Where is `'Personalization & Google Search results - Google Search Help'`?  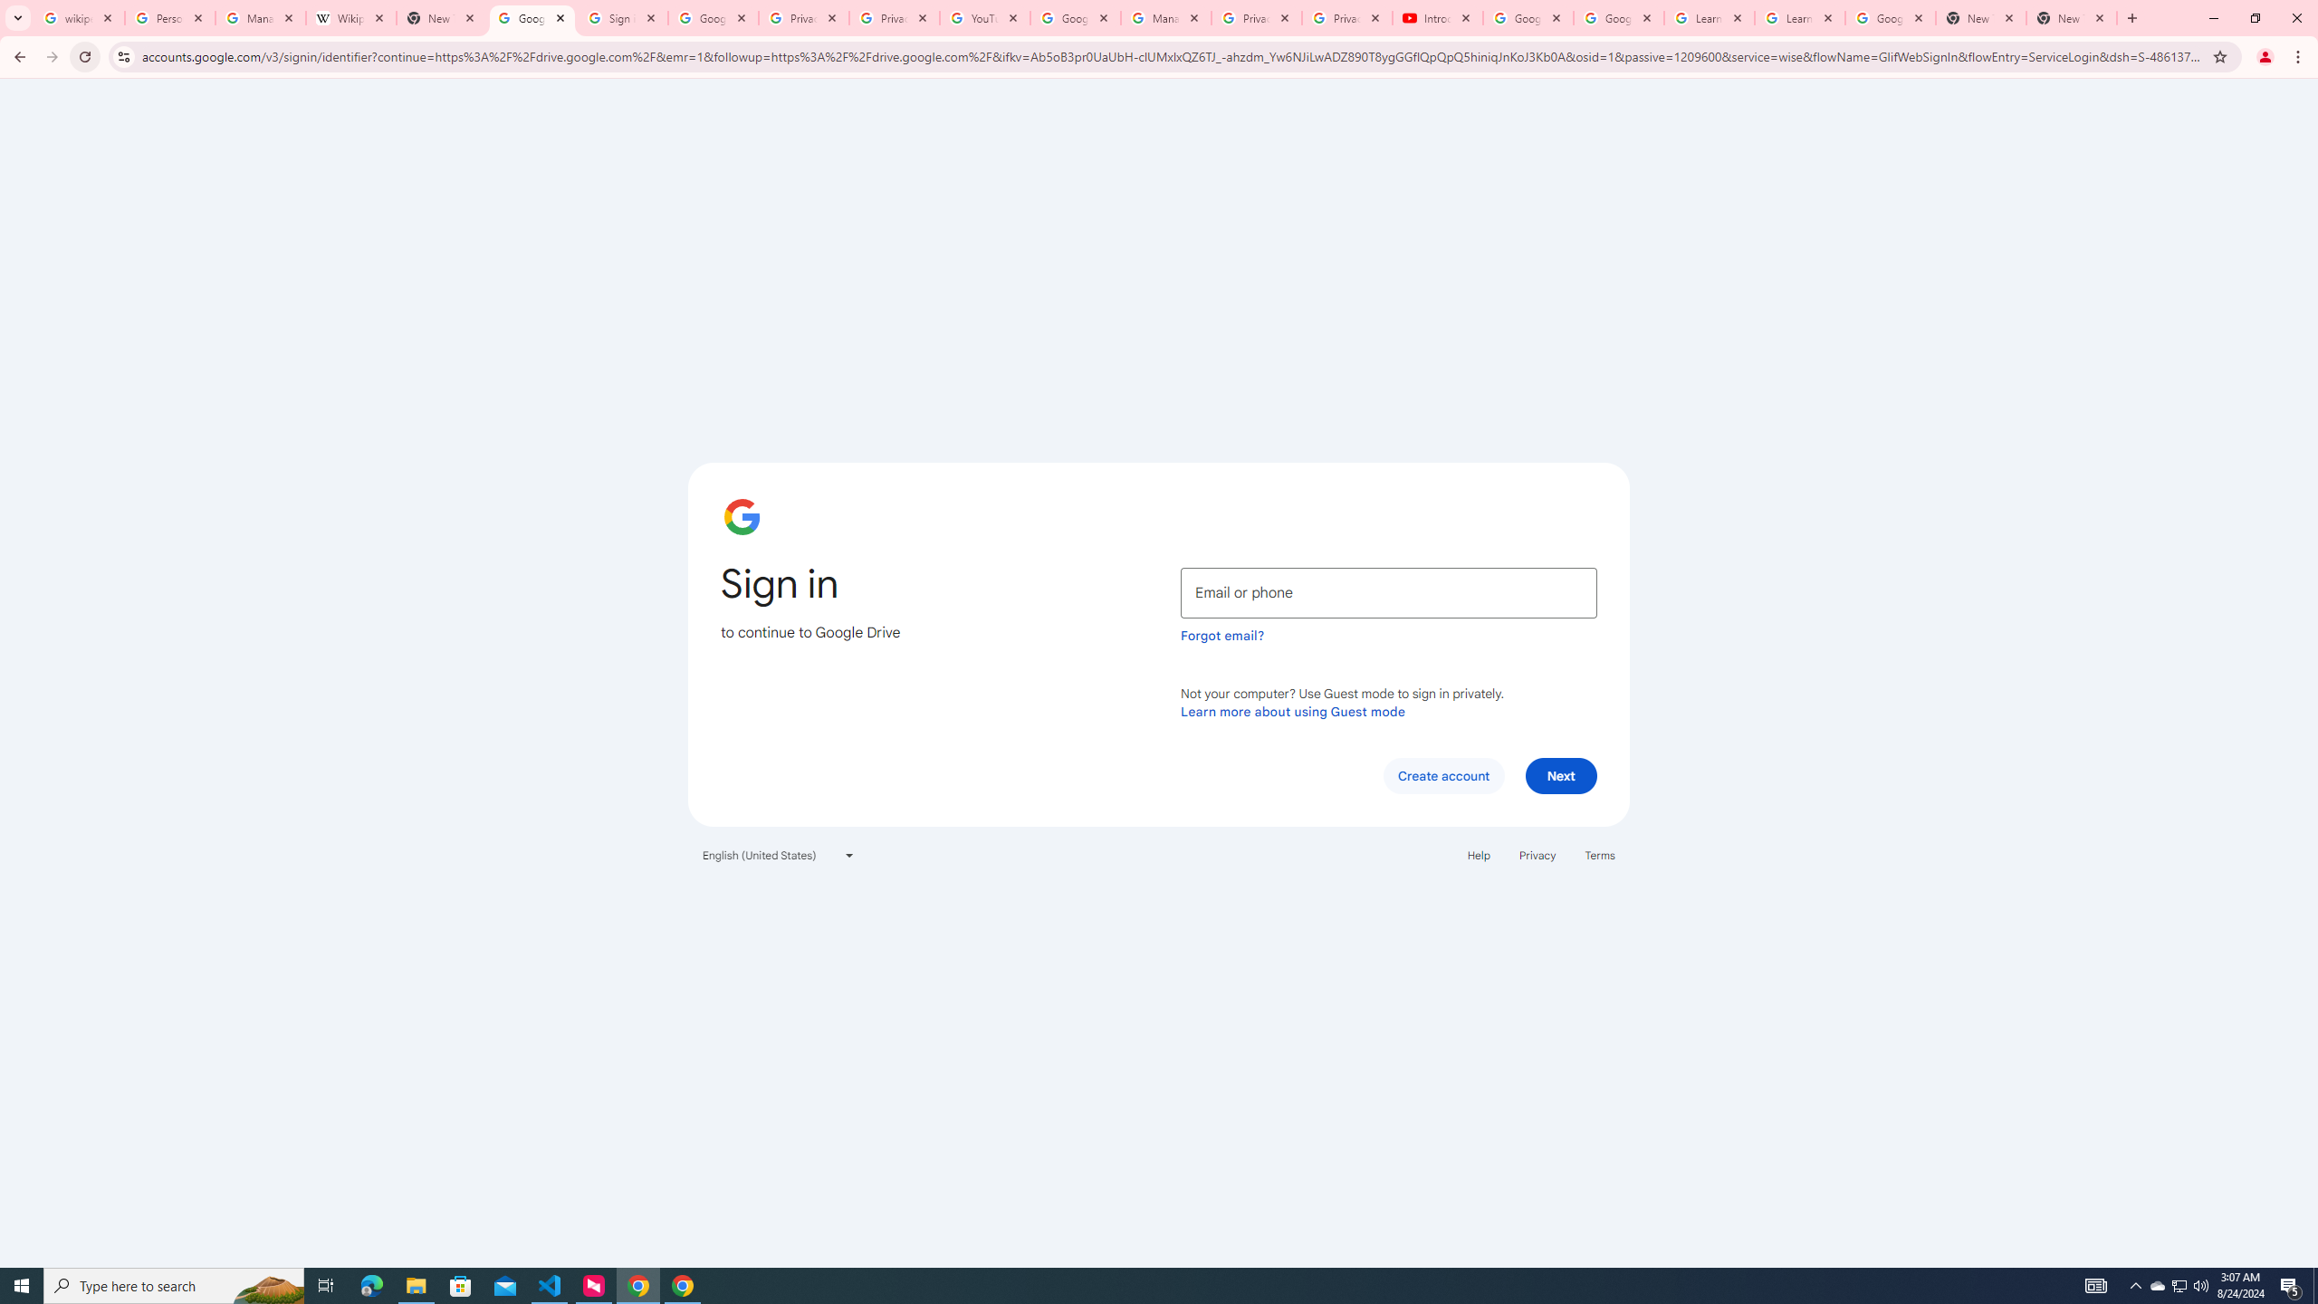 'Personalization & Google Search results - Google Search Help' is located at coordinates (168, 17).